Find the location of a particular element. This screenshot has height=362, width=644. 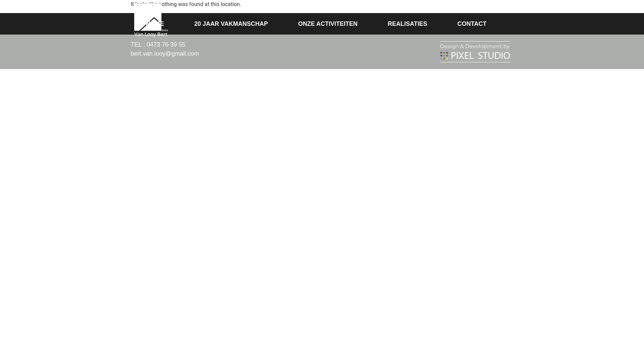

'REALISATIES' is located at coordinates (407, 23).